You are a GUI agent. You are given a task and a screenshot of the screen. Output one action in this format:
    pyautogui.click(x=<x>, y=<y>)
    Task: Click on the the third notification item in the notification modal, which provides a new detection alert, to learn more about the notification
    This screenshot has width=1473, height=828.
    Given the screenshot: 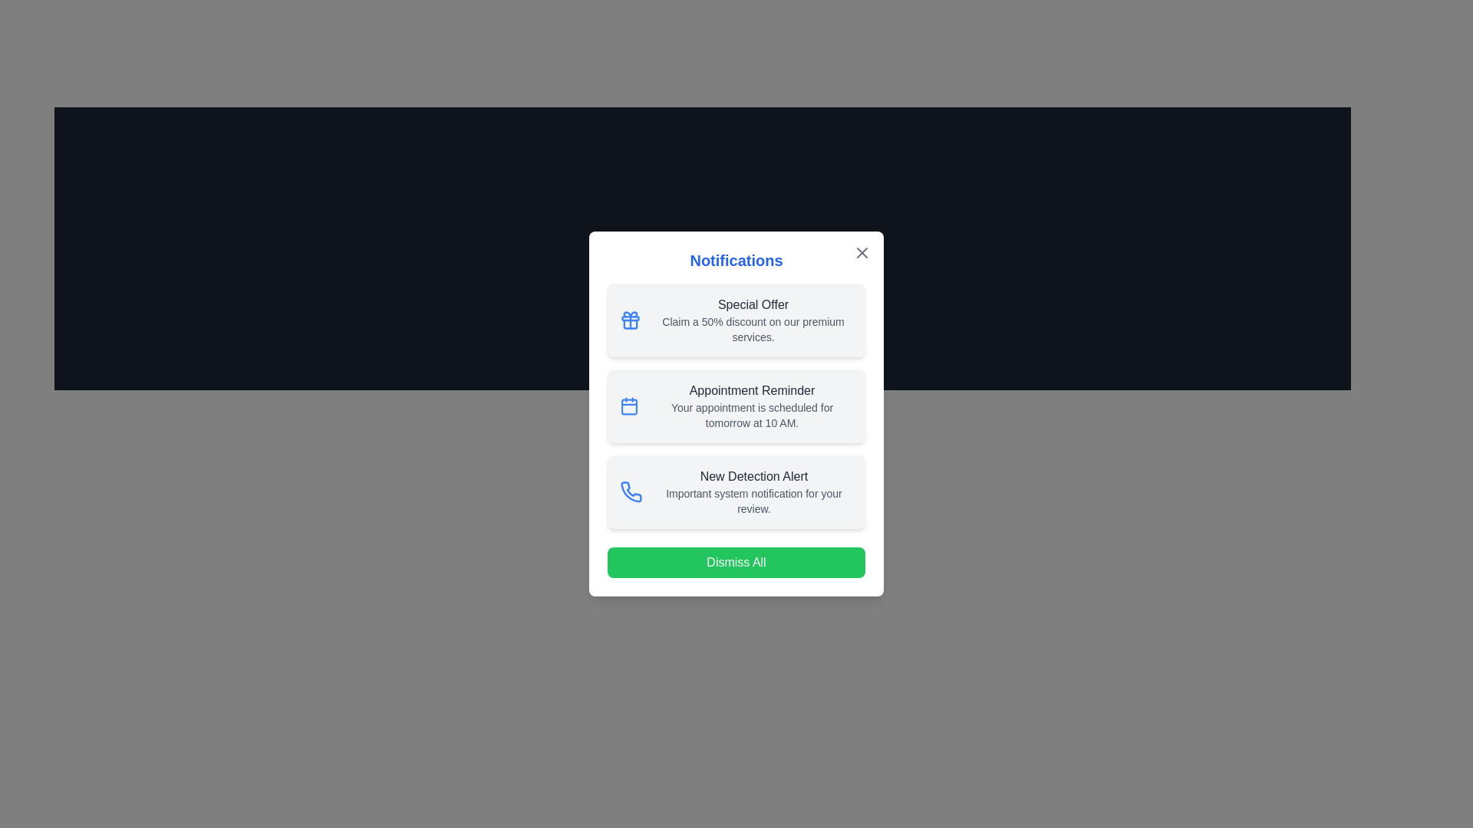 What is the action you would take?
    pyautogui.click(x=753, y=491)
    